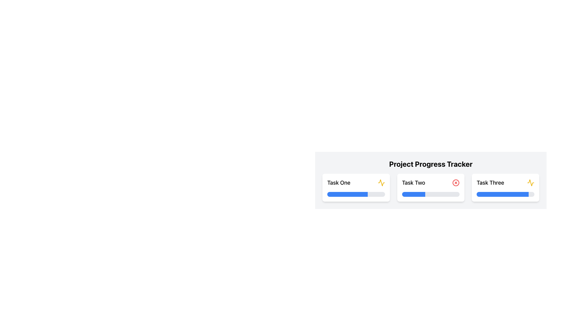 This screenshot has height=328, width=584. What do you see at coordinates (413, 182) in the screenshot?
I see `the text label reading 'Task Two', which is styled in a bold and large font, located at the top-left region of the central card in a horizontal arrangement of three cards` at bounding box center [413, 182].